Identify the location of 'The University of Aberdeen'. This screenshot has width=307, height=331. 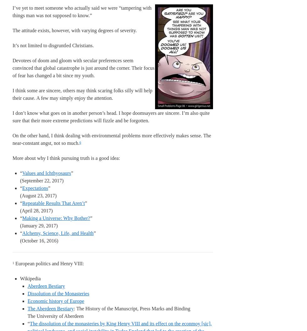
(28, 316).